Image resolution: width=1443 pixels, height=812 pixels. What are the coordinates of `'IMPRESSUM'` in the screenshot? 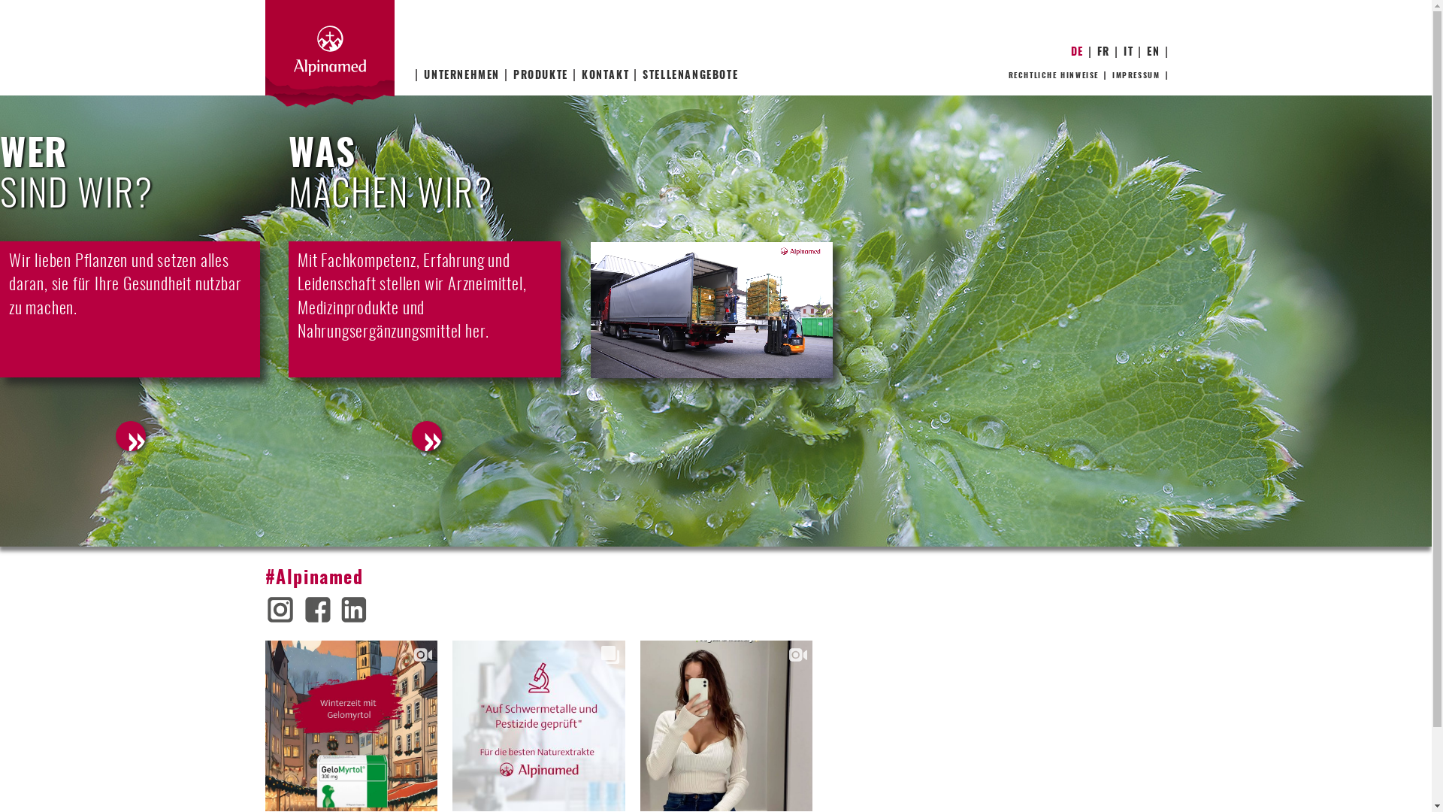 It's located at (1105, 75).